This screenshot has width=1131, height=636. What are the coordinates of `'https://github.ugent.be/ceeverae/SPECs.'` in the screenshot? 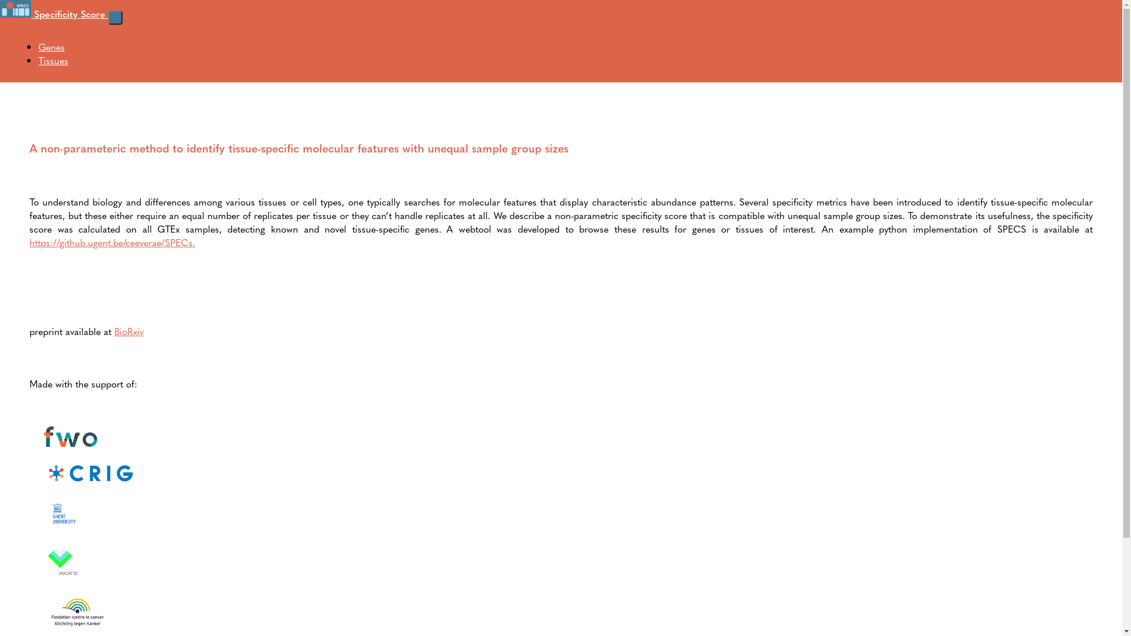 It's located at (112, 241).